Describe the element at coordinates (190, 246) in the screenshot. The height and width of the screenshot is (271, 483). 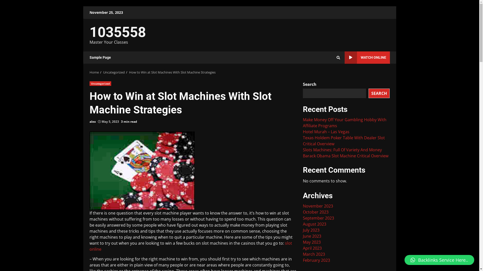
I see `'slot online'` at that location.